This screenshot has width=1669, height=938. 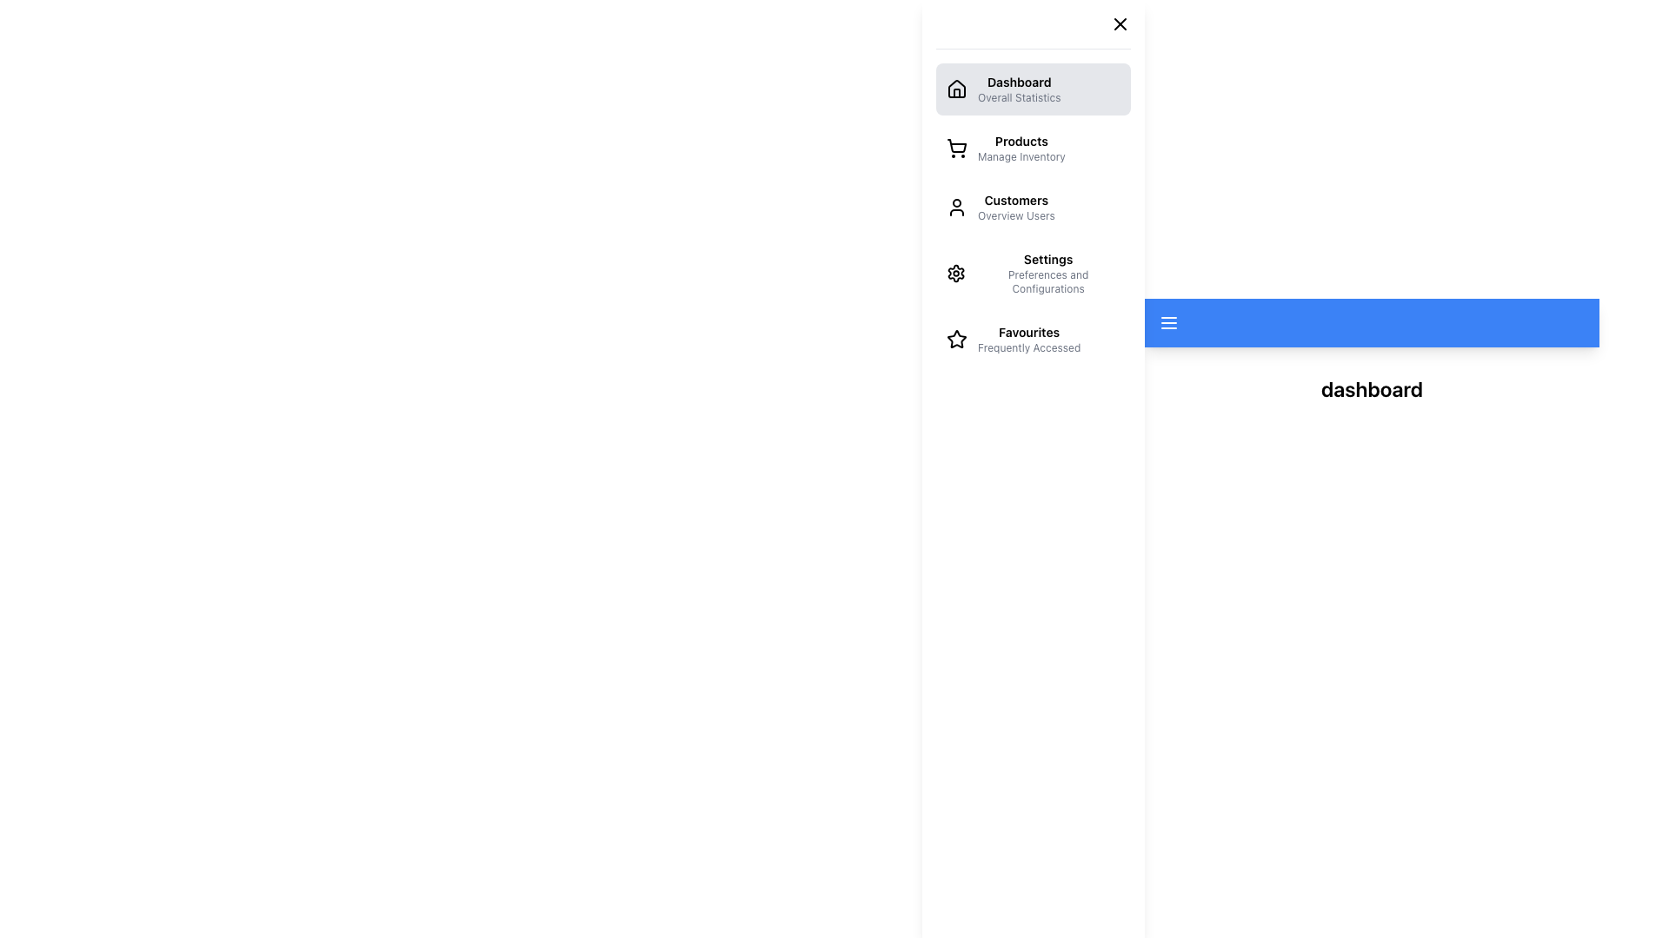 What do you see at coordinates (955, 339) in the screenshot?
I see `the 'Favourites' menu item represented by the star icon, which is aligned horizontally with other menu icons like 'Dashboard' and 'Products'` at bounding box center [955, 339].